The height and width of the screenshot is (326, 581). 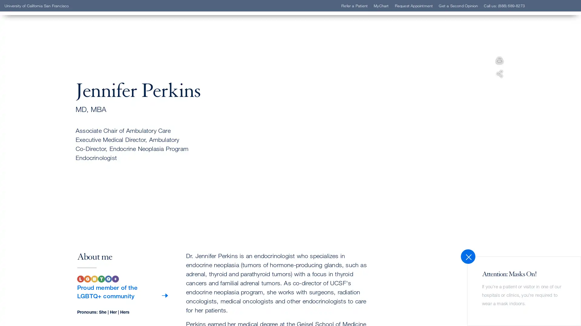 I want to click on Find a Doctor, so click(x=42, y=89).